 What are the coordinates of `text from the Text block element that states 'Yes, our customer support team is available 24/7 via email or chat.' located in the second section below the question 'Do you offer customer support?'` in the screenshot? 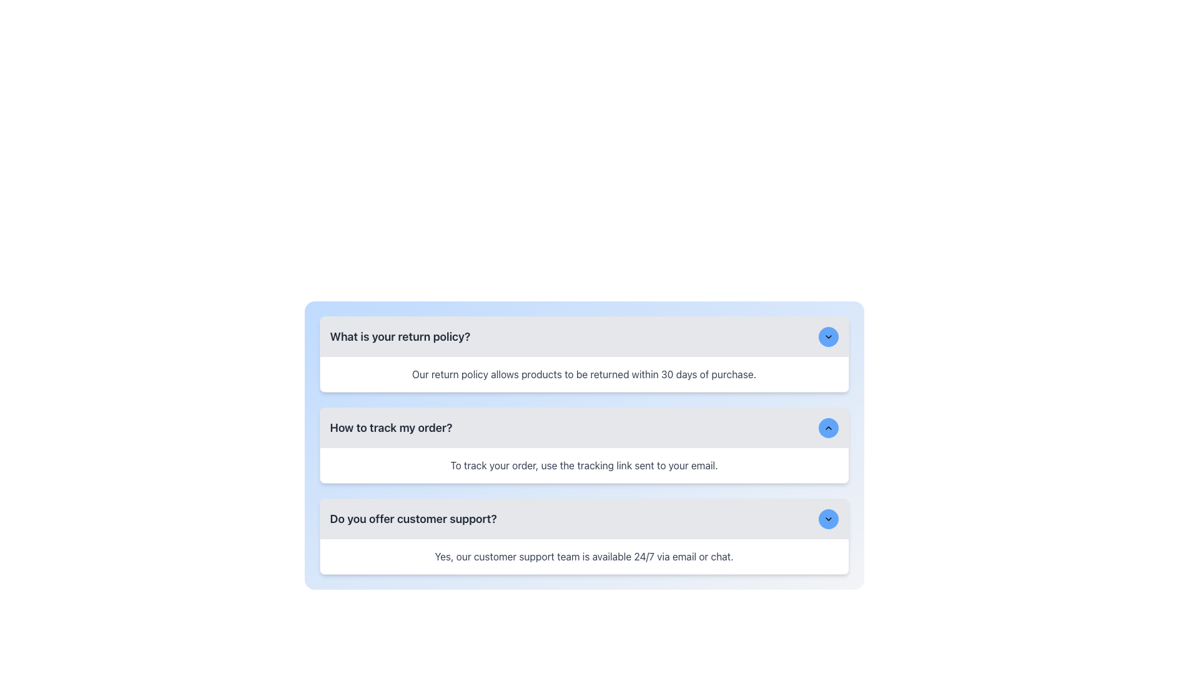 It's located at (583, 555).